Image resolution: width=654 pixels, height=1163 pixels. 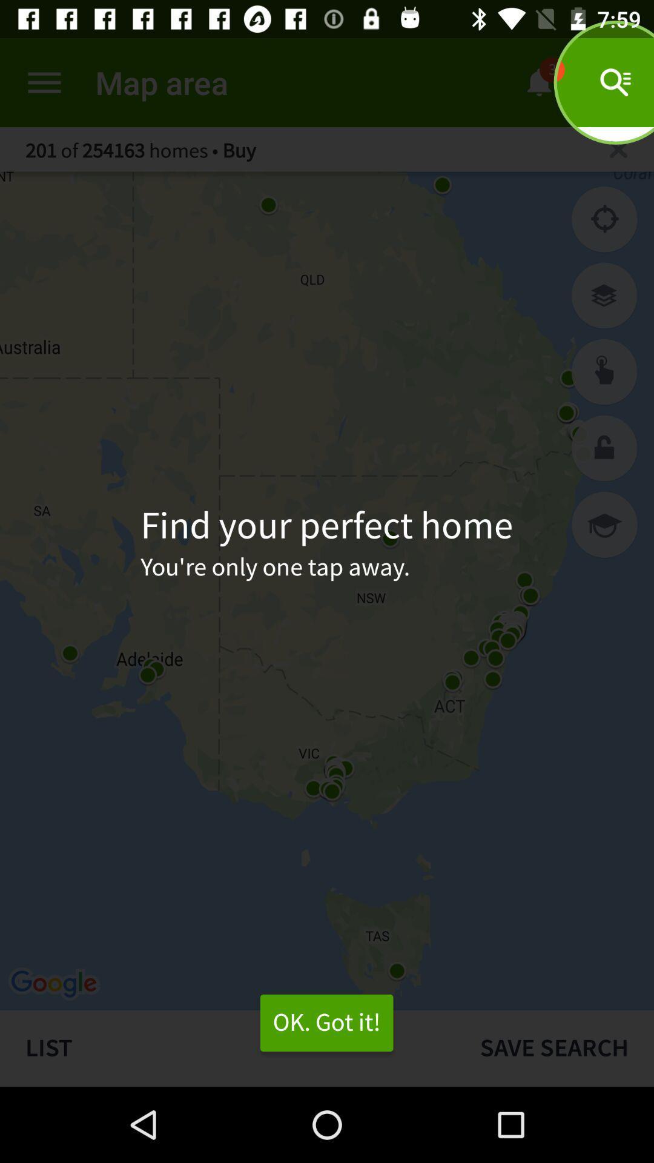 What do you see at coordinates (618, 148) in the screenshot?
I see `the icon next to 201 of 254163` at bounding box center [618, 148].